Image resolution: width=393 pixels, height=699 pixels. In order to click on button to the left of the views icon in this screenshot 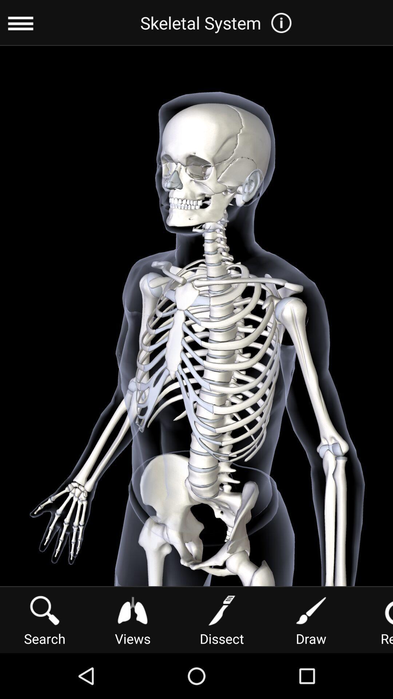, I will do `click(45, 619)`.